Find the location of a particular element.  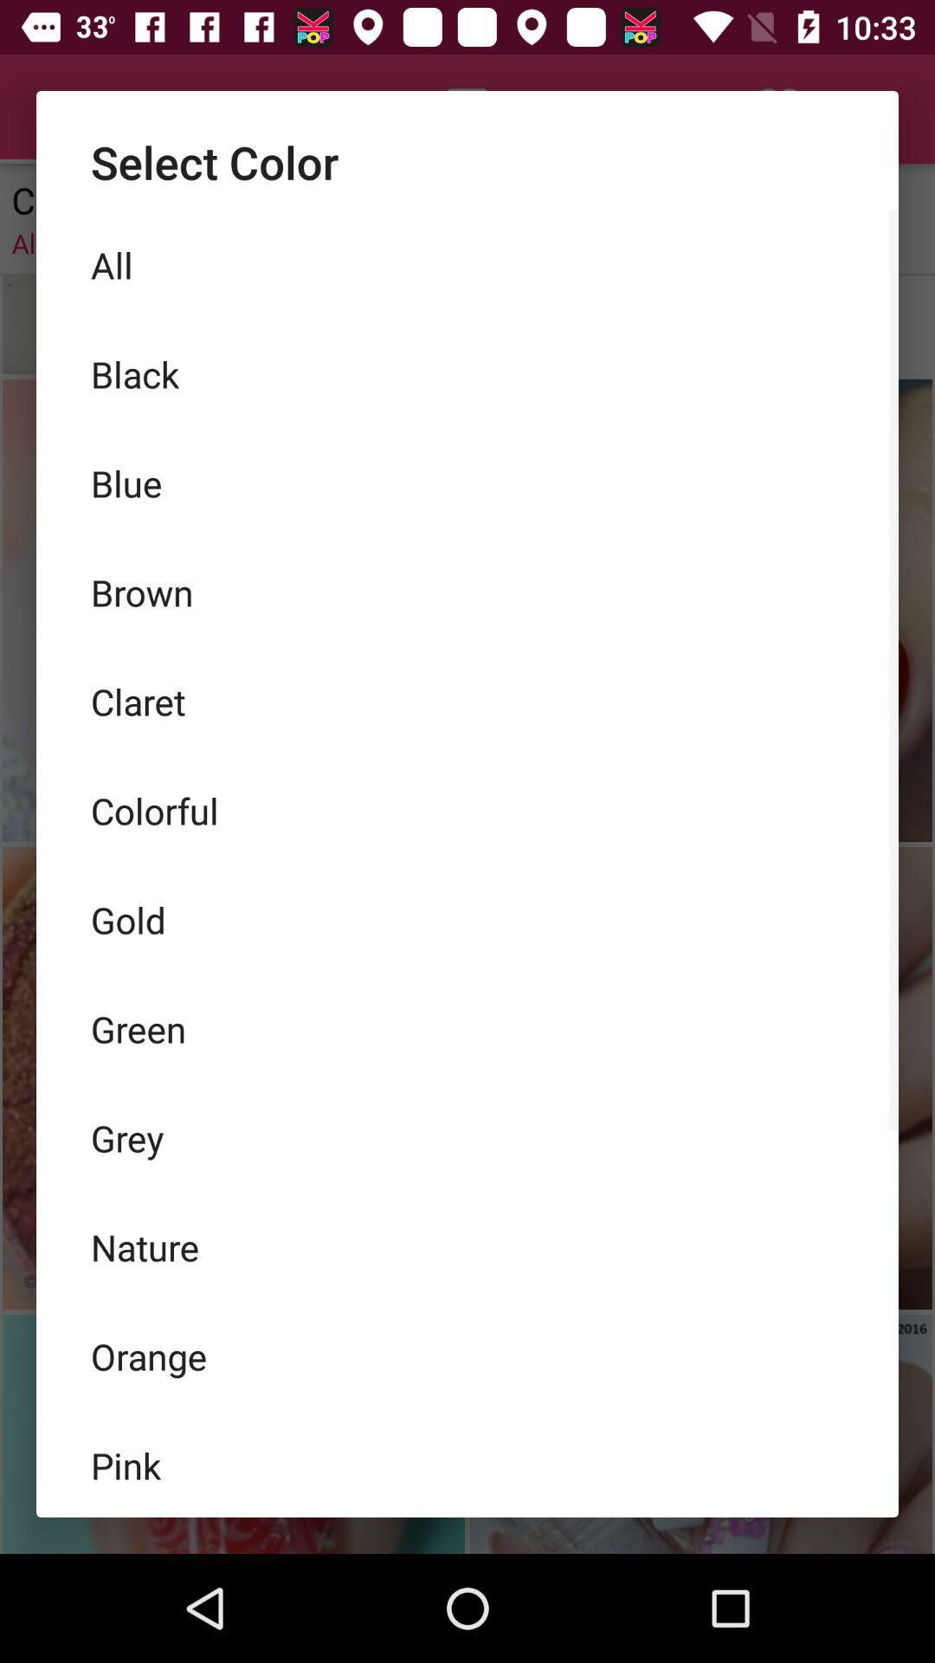

black is located at coordinates (467, 373).